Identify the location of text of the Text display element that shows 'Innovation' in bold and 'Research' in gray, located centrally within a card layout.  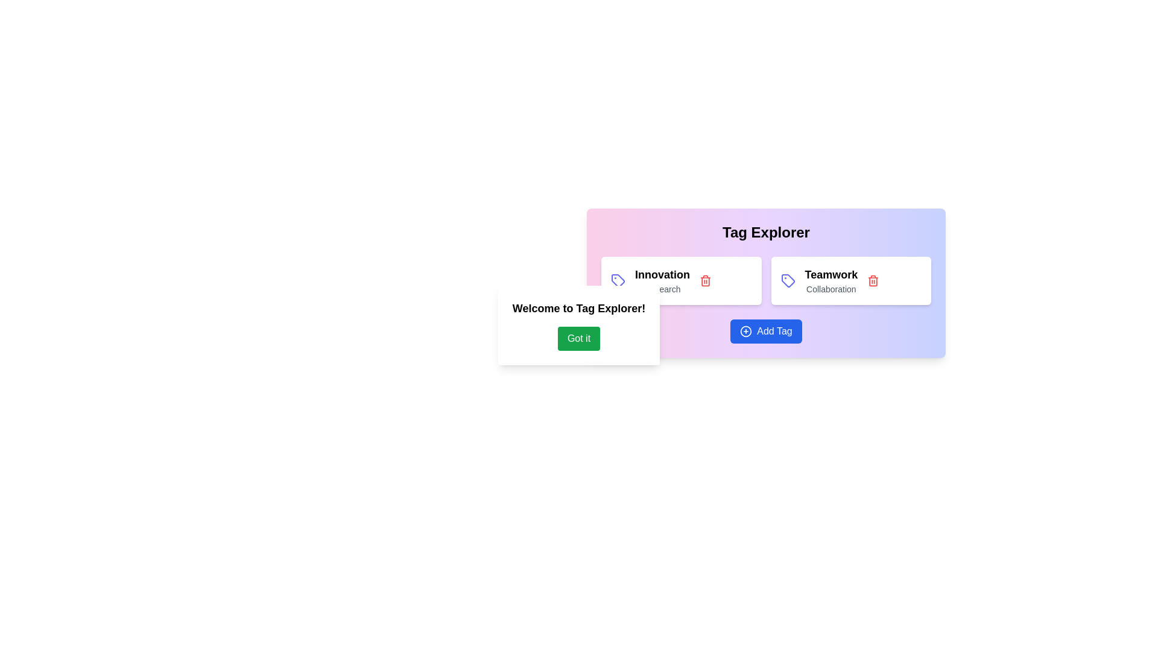
(662, 281).